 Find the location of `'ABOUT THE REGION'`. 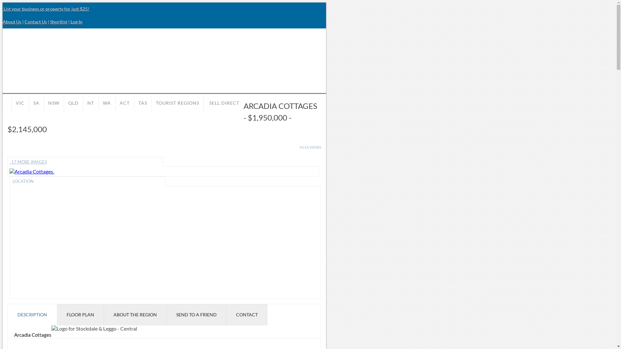

'ABOUT THE REGION' is located at coordinates (104, 314).